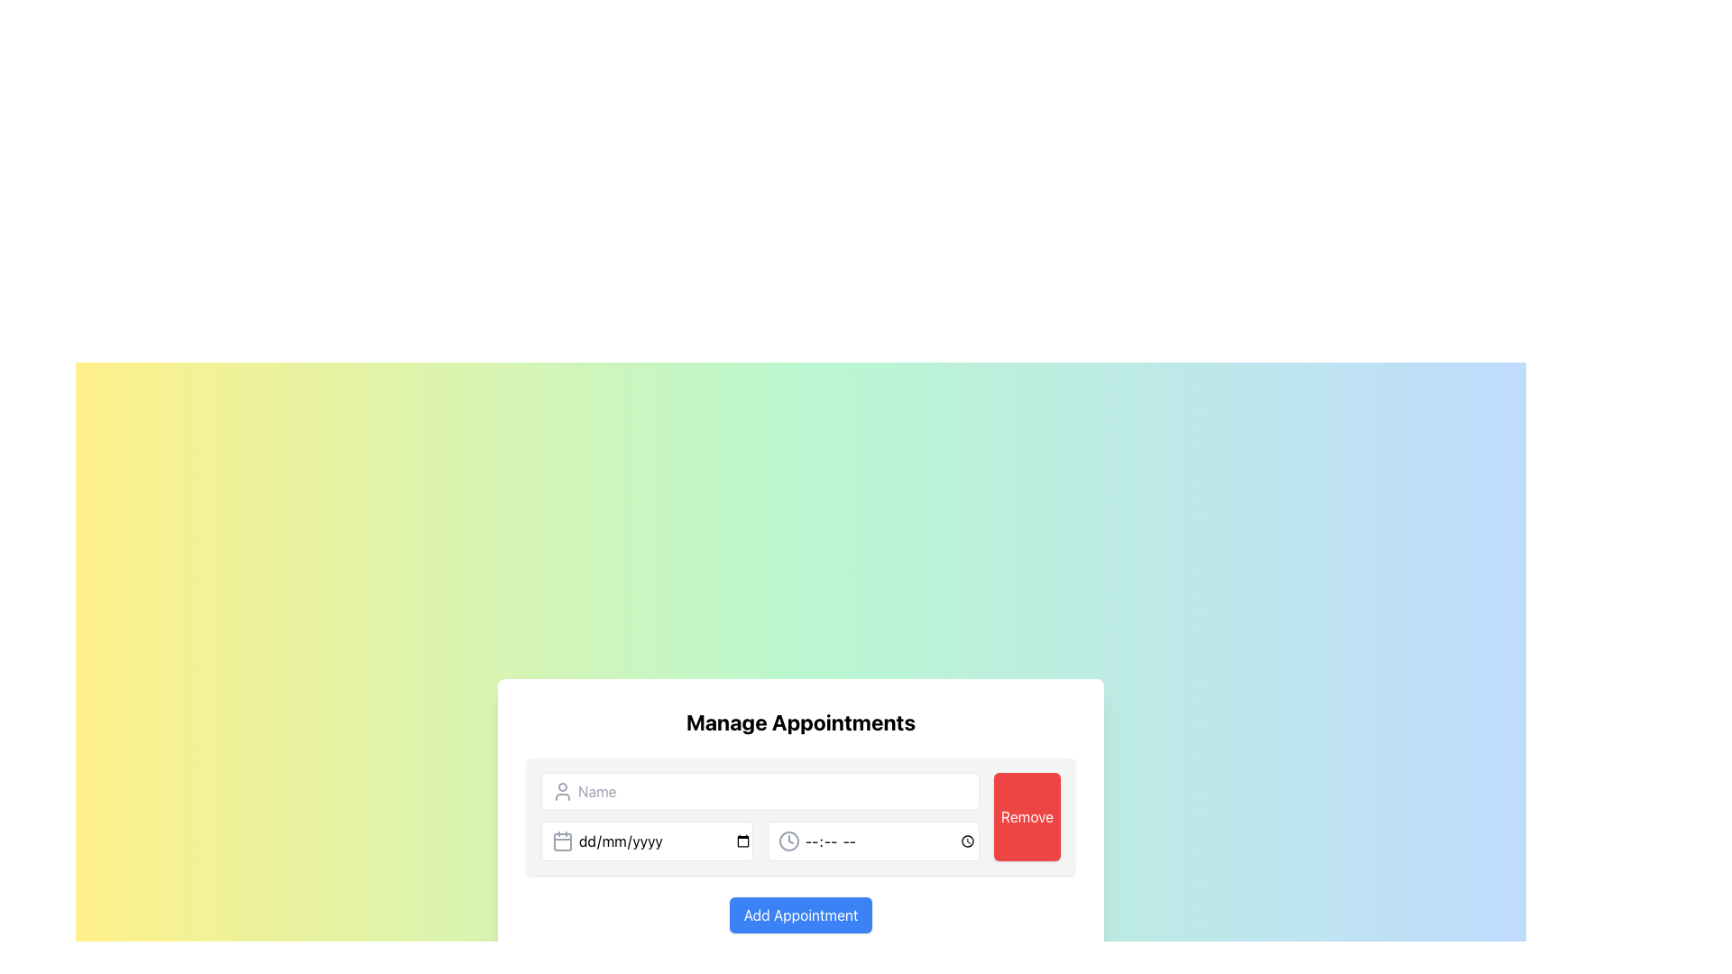 The image size is (1732, 974). What do you see at coordinates (647, 841) in the screenshot?
I see `a date from the calendar popup by clicking on the date input field, which has a placeholder text 'dd/mm/yyyy' and is positioned in the left column of a form UI` at bounding box center [647, 841].